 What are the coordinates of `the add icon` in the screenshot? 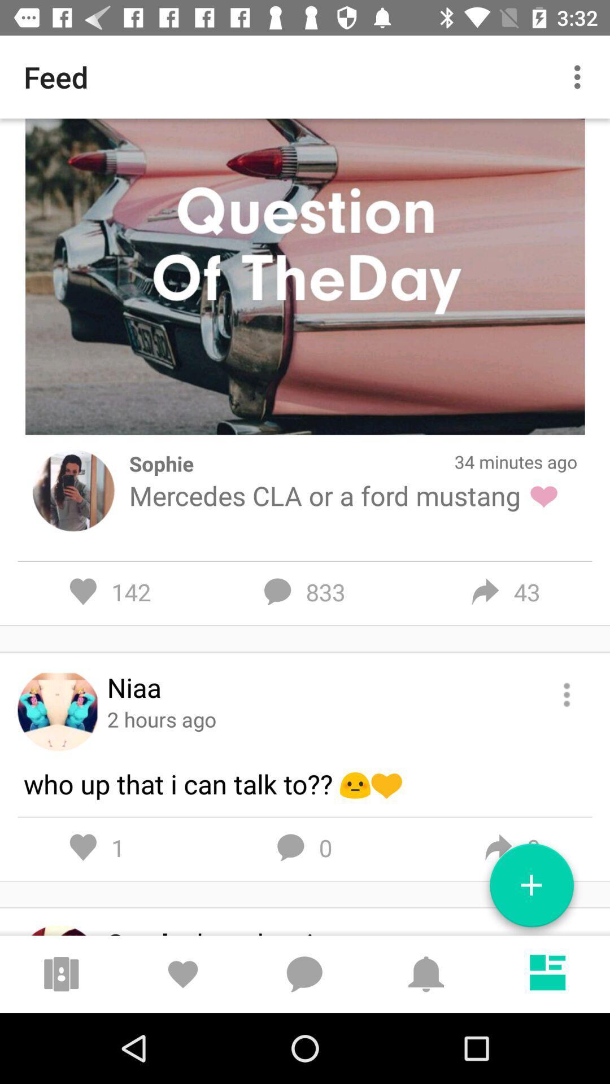 It's located at (531, 889).